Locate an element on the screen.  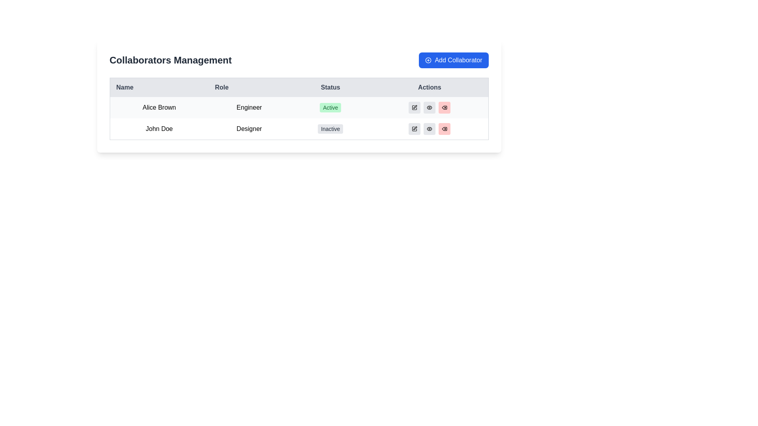
the pen icon button located in the 'Actions' column of the first row to initiate an edit action is located at coordinates (414, 108).